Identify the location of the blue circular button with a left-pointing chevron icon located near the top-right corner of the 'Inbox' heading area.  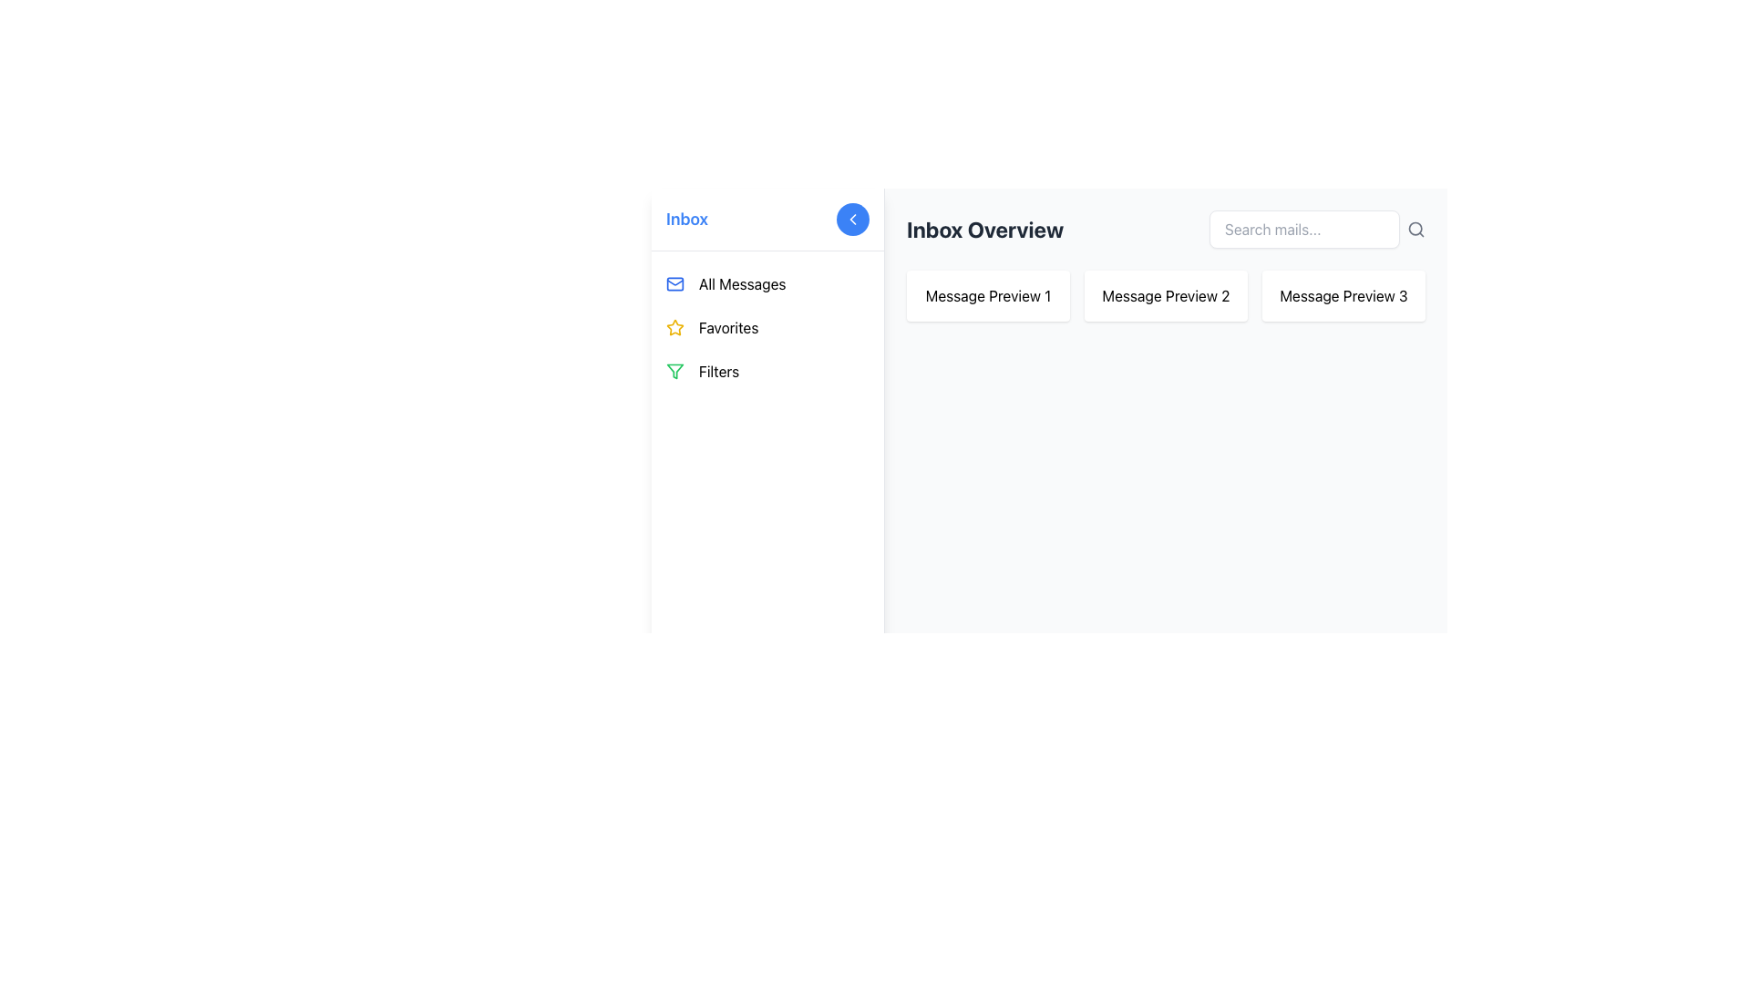
(852, 218).